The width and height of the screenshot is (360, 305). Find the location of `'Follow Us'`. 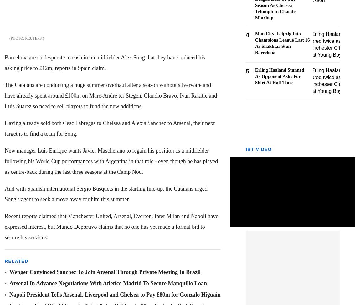

'Follow Us' is located at coordinates (62, 222).